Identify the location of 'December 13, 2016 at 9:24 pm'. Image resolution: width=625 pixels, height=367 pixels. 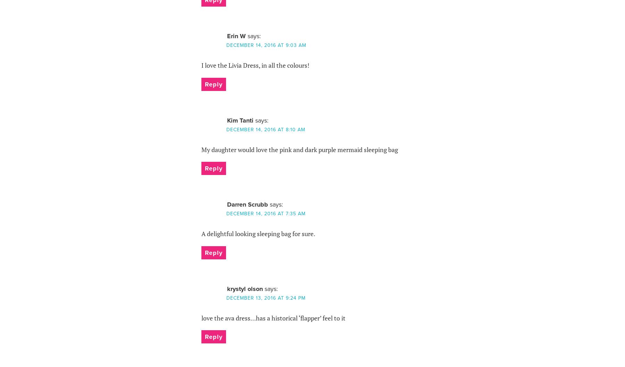
(265, 297).